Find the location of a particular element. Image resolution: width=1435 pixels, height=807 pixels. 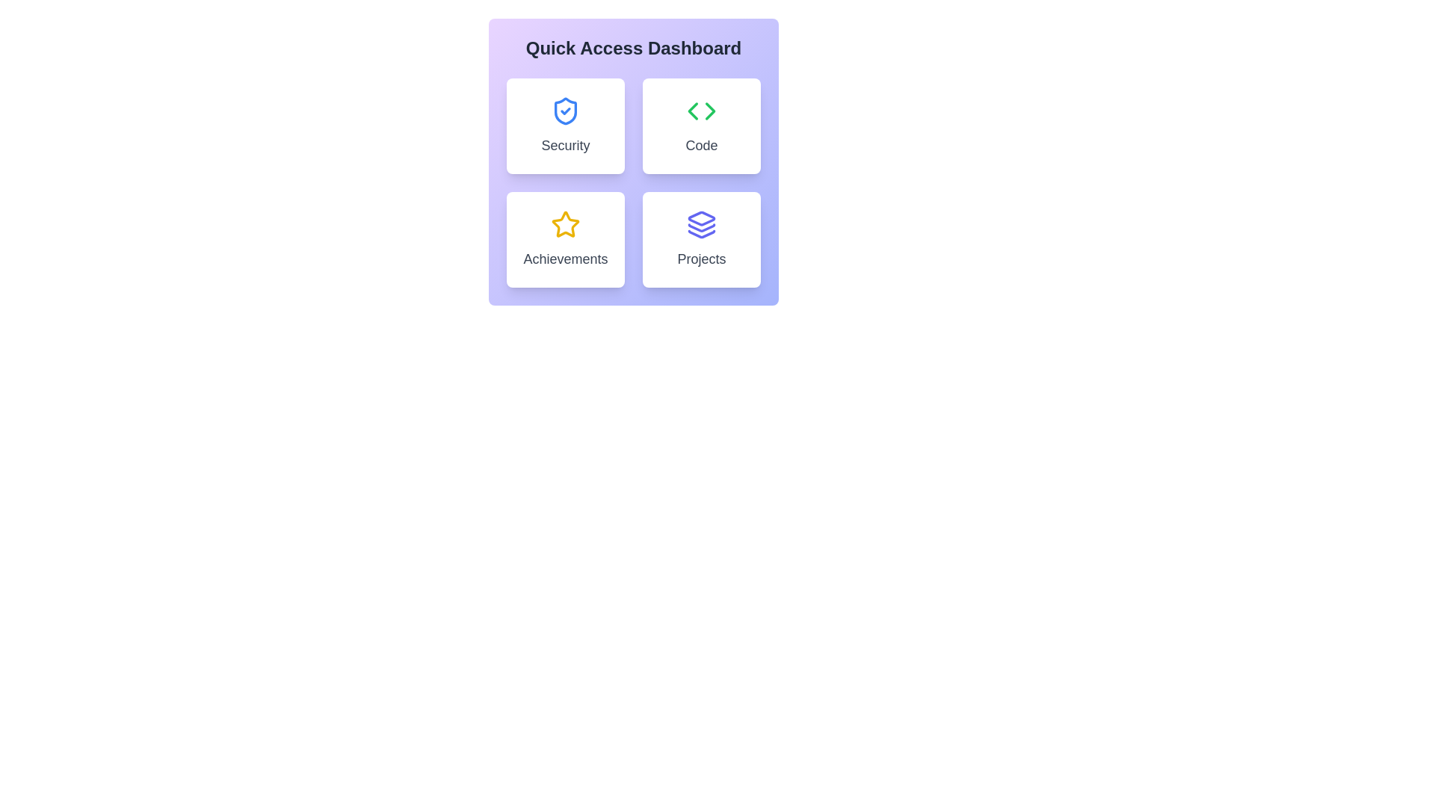

the 'Security' text hyperlink, which is styled in gray and located beneath a shield icon in the 'Quick Access Dashboard' is located at coordinates (565, 146).